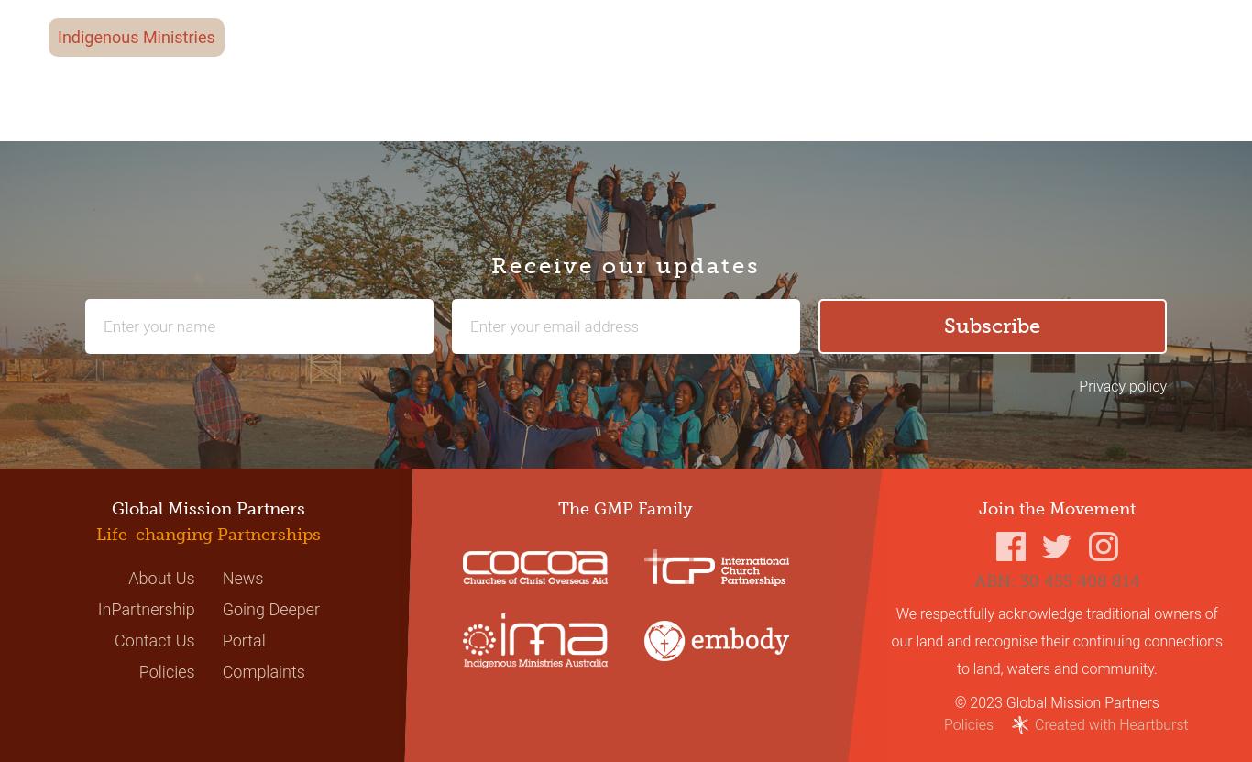  What do you see at coordinates (127, 577) in the screenshot?
I see `'About Us'` at bounding box center [127, 577].